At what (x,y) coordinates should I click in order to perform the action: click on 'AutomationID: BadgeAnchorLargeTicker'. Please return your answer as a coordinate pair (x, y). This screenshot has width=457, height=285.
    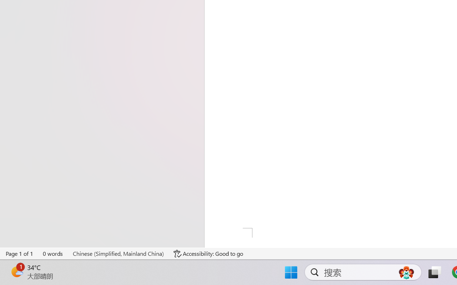
    Looking at the image, I should click on (16, 271).